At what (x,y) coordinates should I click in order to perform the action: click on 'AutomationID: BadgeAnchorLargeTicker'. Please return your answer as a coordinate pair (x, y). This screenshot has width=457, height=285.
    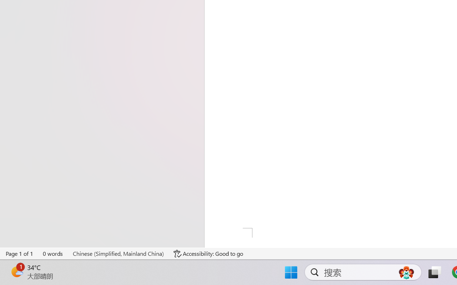
    Looking at the image, I should click on (16, 271).